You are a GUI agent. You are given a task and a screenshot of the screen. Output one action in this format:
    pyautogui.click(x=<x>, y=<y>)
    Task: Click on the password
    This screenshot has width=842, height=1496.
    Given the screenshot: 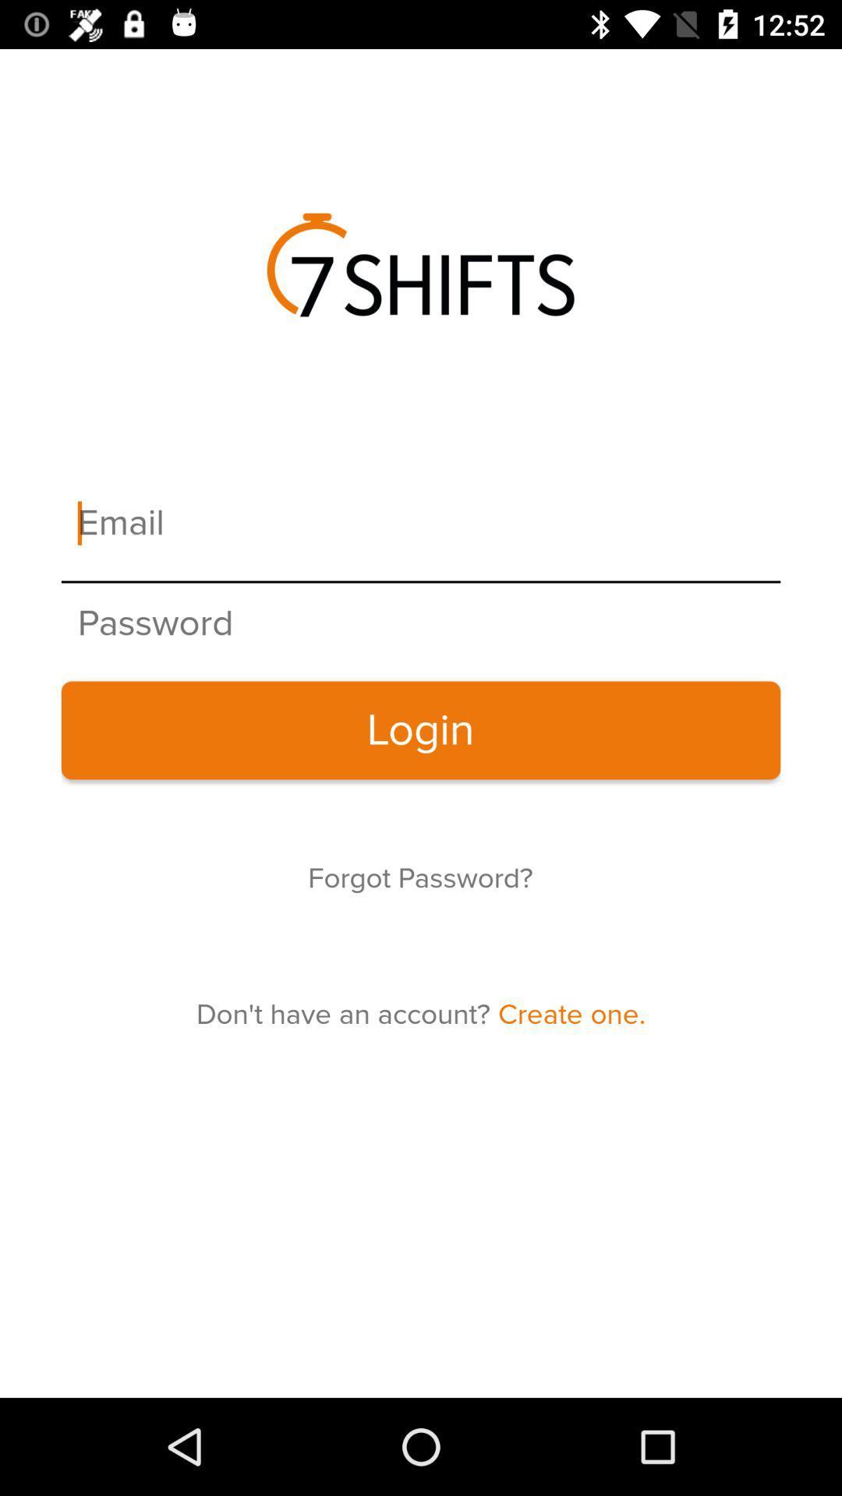 What is the action you would take?
    pyautogui.click(x=421, y=624)
    